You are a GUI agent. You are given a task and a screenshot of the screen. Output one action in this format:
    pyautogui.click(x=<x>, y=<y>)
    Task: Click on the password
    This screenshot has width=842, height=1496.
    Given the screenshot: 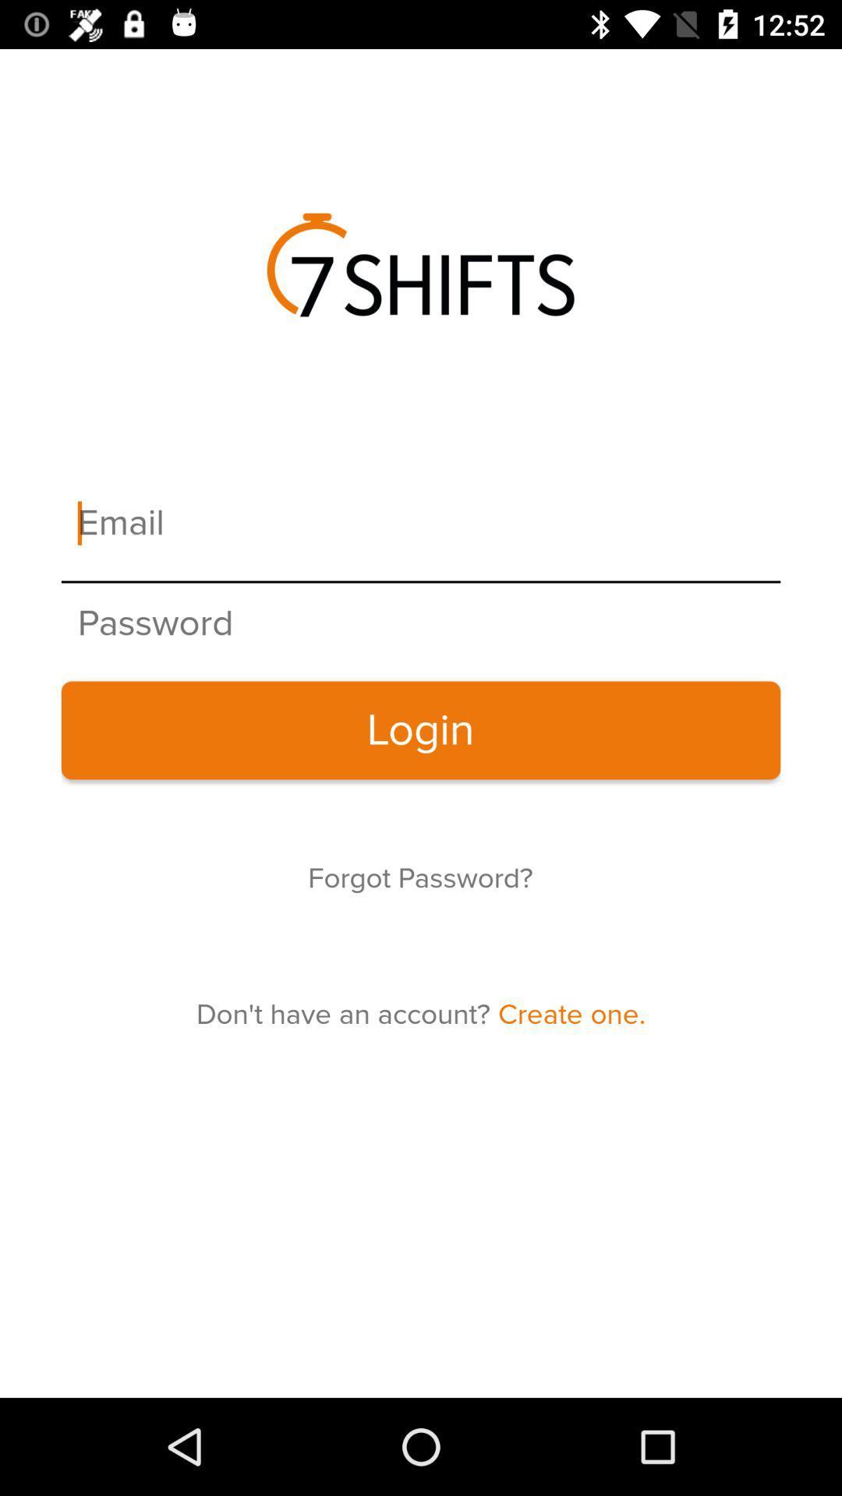 What is the action you would take?
    pyautogui.click(x=421, y=624)
    